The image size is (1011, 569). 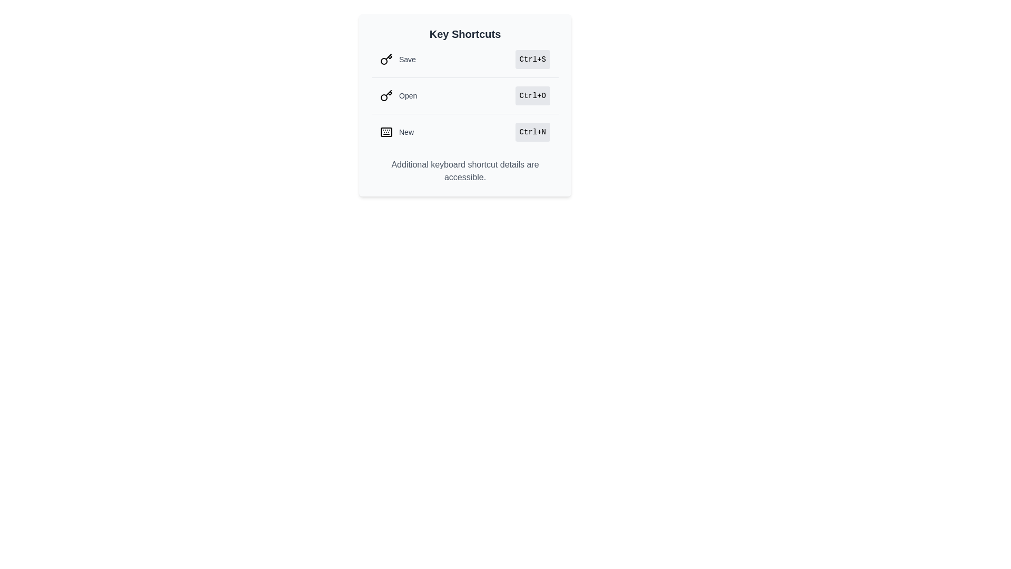 I want to click on the 'Open' text label with a key icon, so click(x=398, y=95).